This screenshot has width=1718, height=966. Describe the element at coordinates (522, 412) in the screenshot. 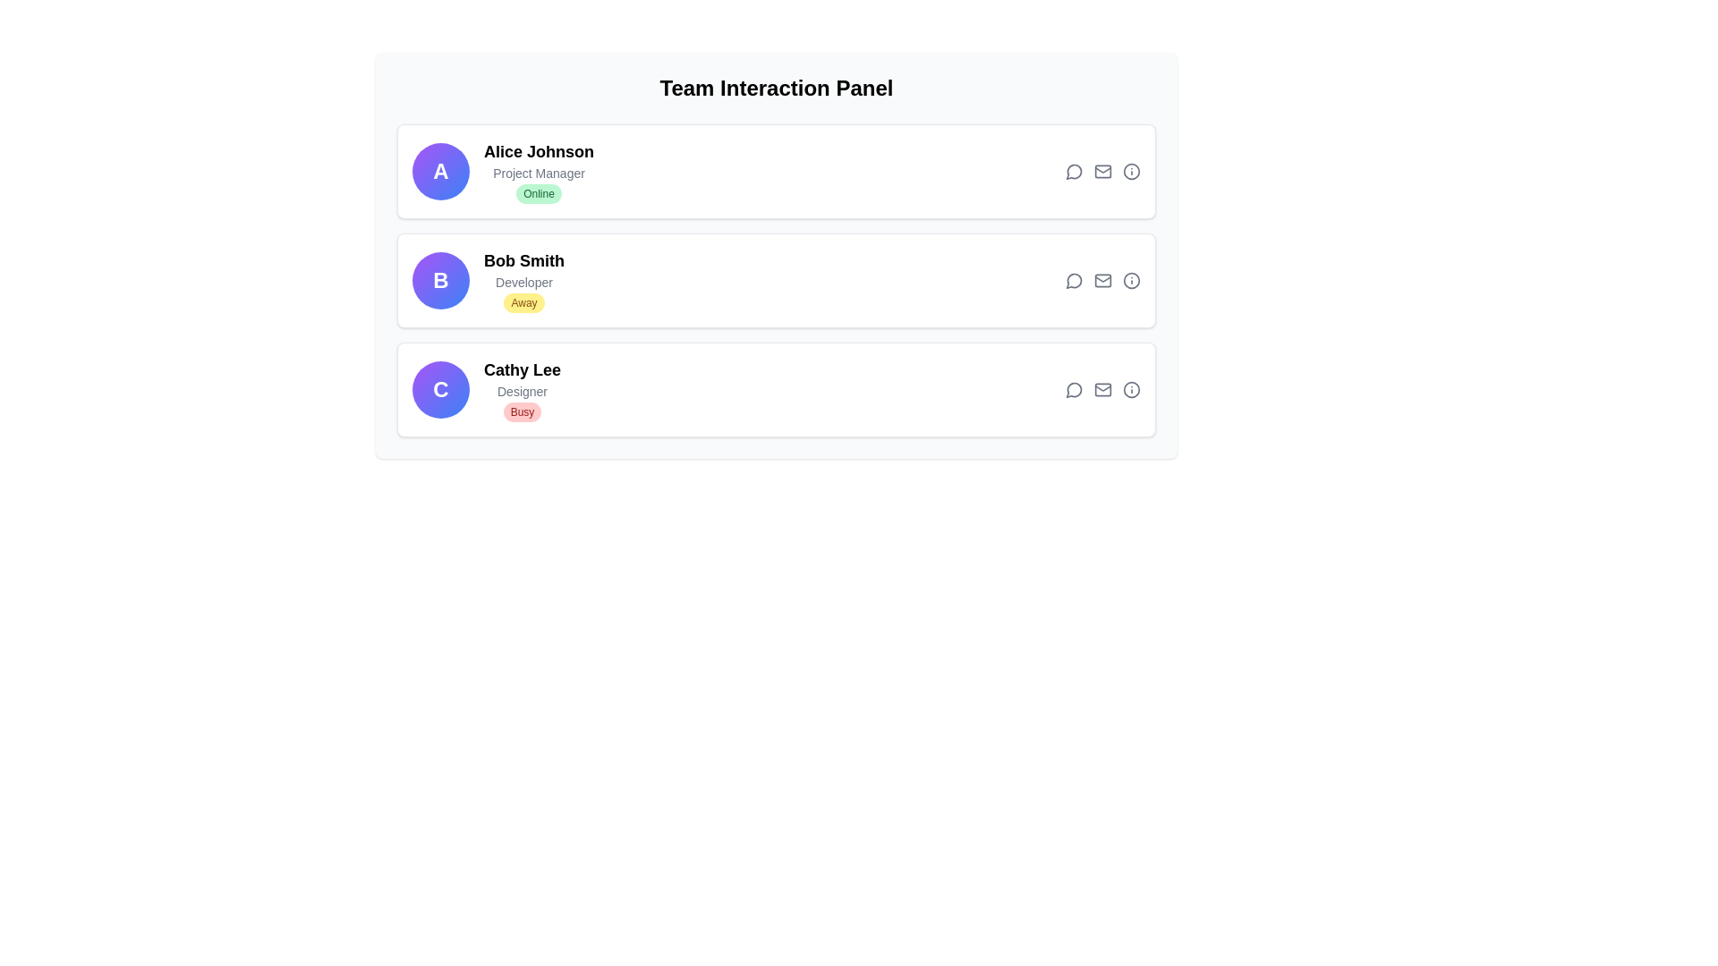

I see `the Status badge indicating that 'Cathy Lee' is busy, located in the bottom row of the user list below the 'Designer' label` at that location.